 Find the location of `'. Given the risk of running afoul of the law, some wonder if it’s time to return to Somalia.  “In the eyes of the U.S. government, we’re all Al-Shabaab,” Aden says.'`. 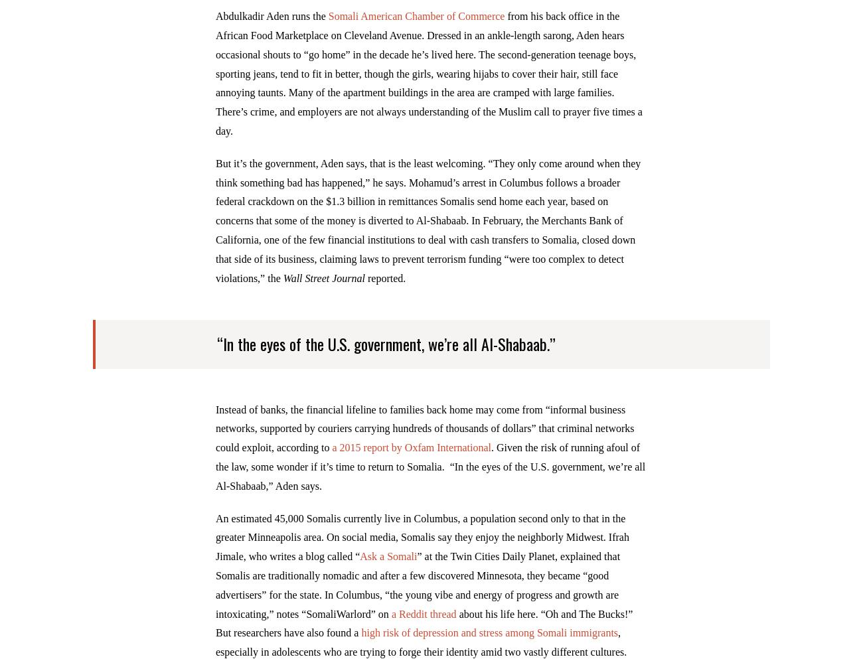

'. Given the risk of running afoul of the law, some wonder if it’s time to return to Somalia.  “In the eyes of the U.S. government, we’re all Al-Shabaab,” Aden says.' is located at coordinates (216, 475).